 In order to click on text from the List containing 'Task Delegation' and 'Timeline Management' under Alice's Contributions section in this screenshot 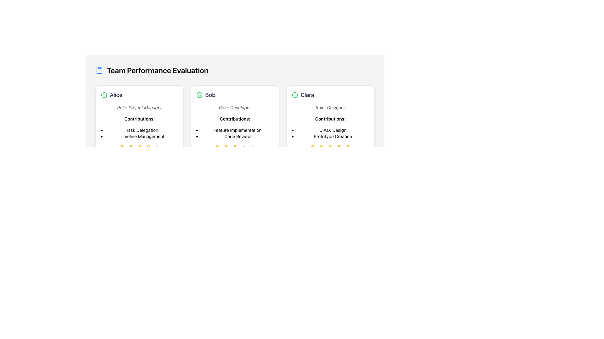, I will do `click(142, 133)`.